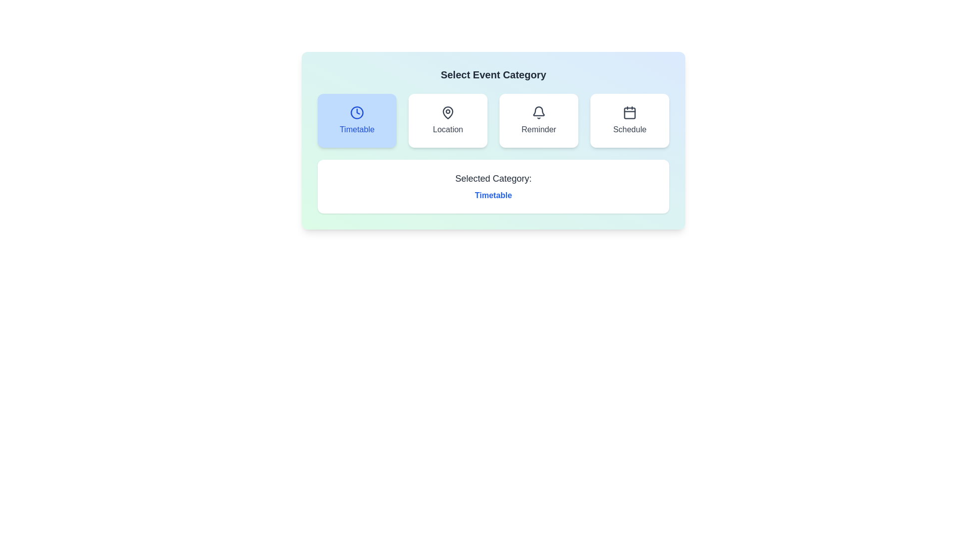  What do you see at coordinates (629, 120) in the screenshot?
I see `the button labeled Schedule to observe its hover effect` at bounding box center [629, 120].